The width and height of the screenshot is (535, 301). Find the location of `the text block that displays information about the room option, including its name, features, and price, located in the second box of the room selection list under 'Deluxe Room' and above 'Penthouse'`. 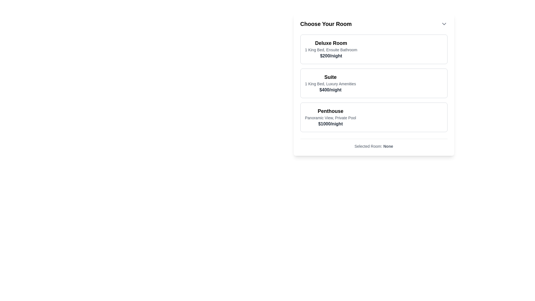

the text block that displays information about the room option, including its name, features, and price, located in the second box of the room selection list under 'Deluxe Room' and above 'Penthouse' is located at coordinates (330, 83).